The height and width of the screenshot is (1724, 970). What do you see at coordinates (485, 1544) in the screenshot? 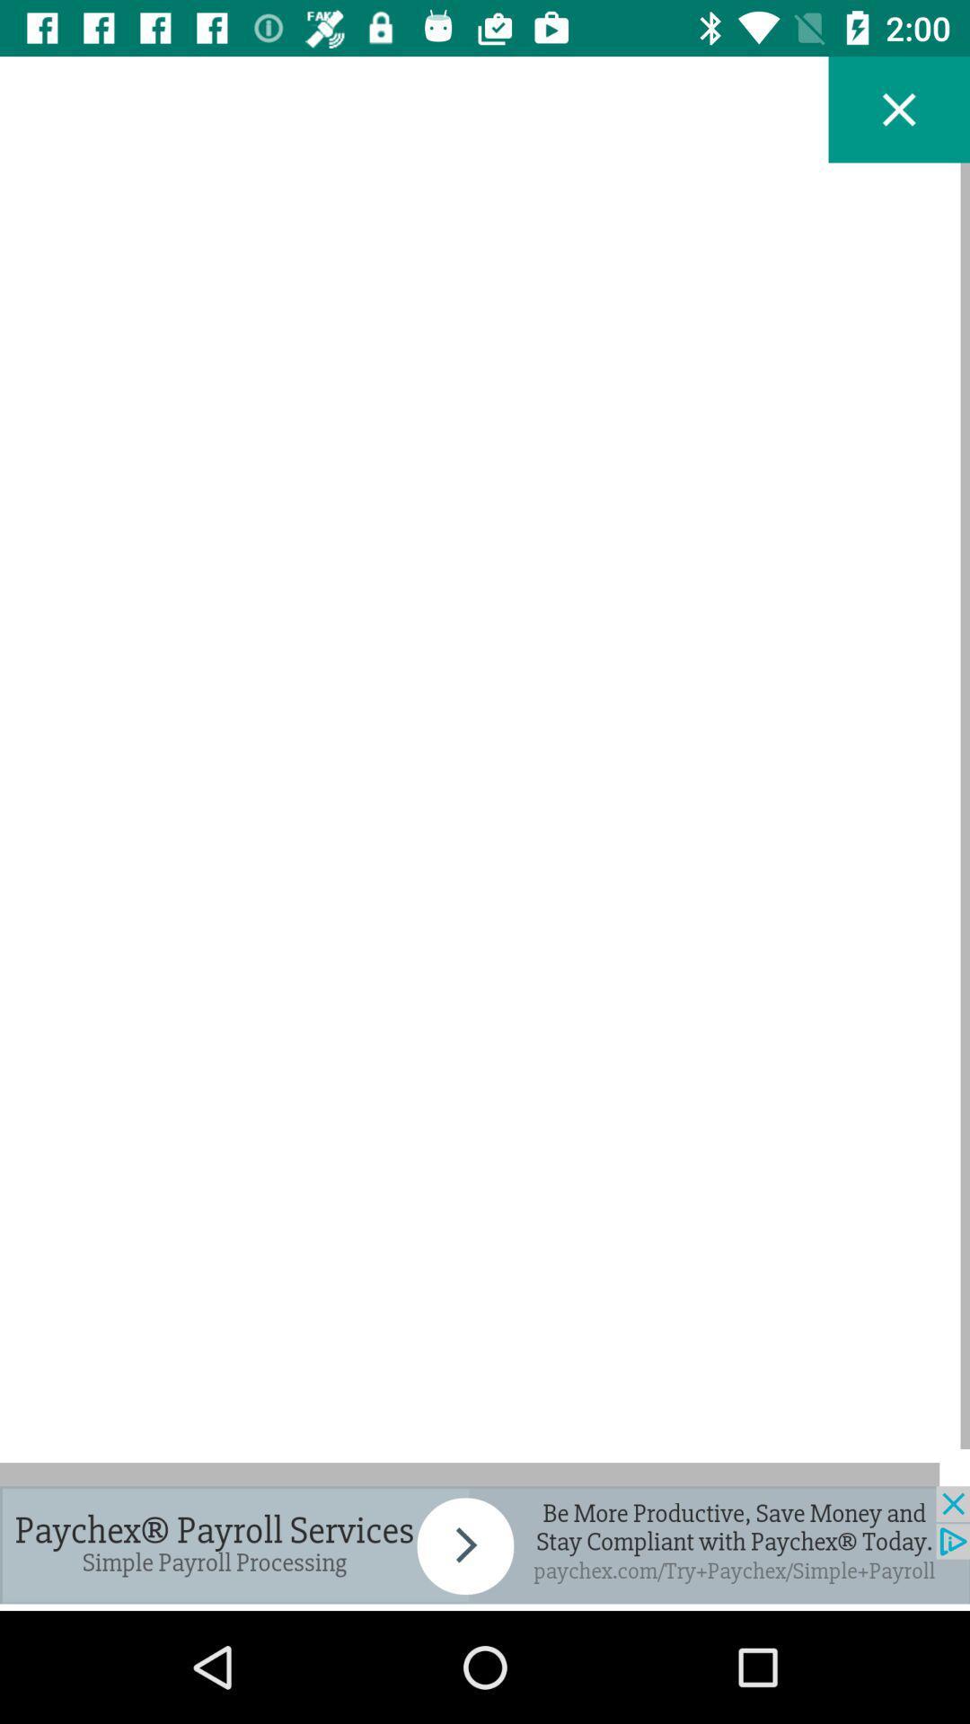
I see `this advertisement` at bounding box center [485, 1544].